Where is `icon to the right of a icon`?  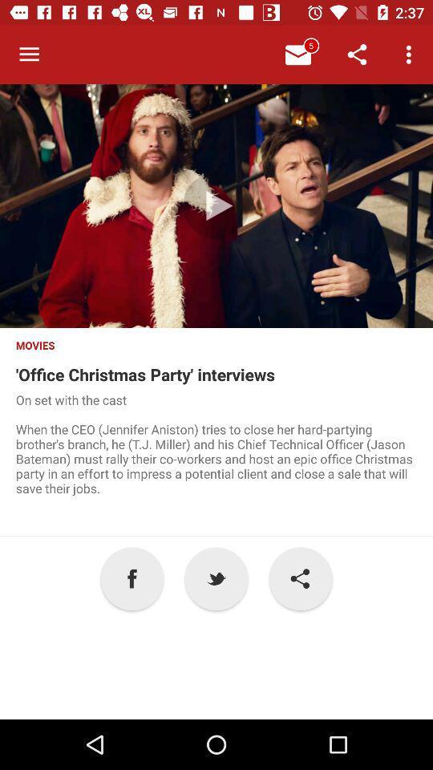 icon to the right of a icon is located at coordinates (216, 577).